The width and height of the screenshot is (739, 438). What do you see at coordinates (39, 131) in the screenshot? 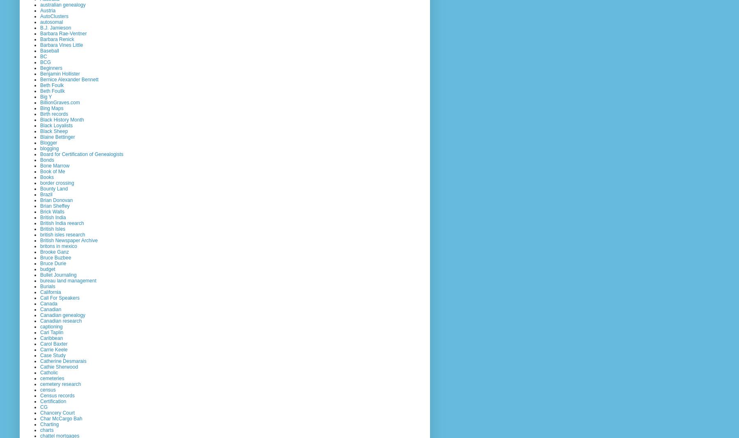
I see `'Black Sheep'` at bounding box center [39, 131].